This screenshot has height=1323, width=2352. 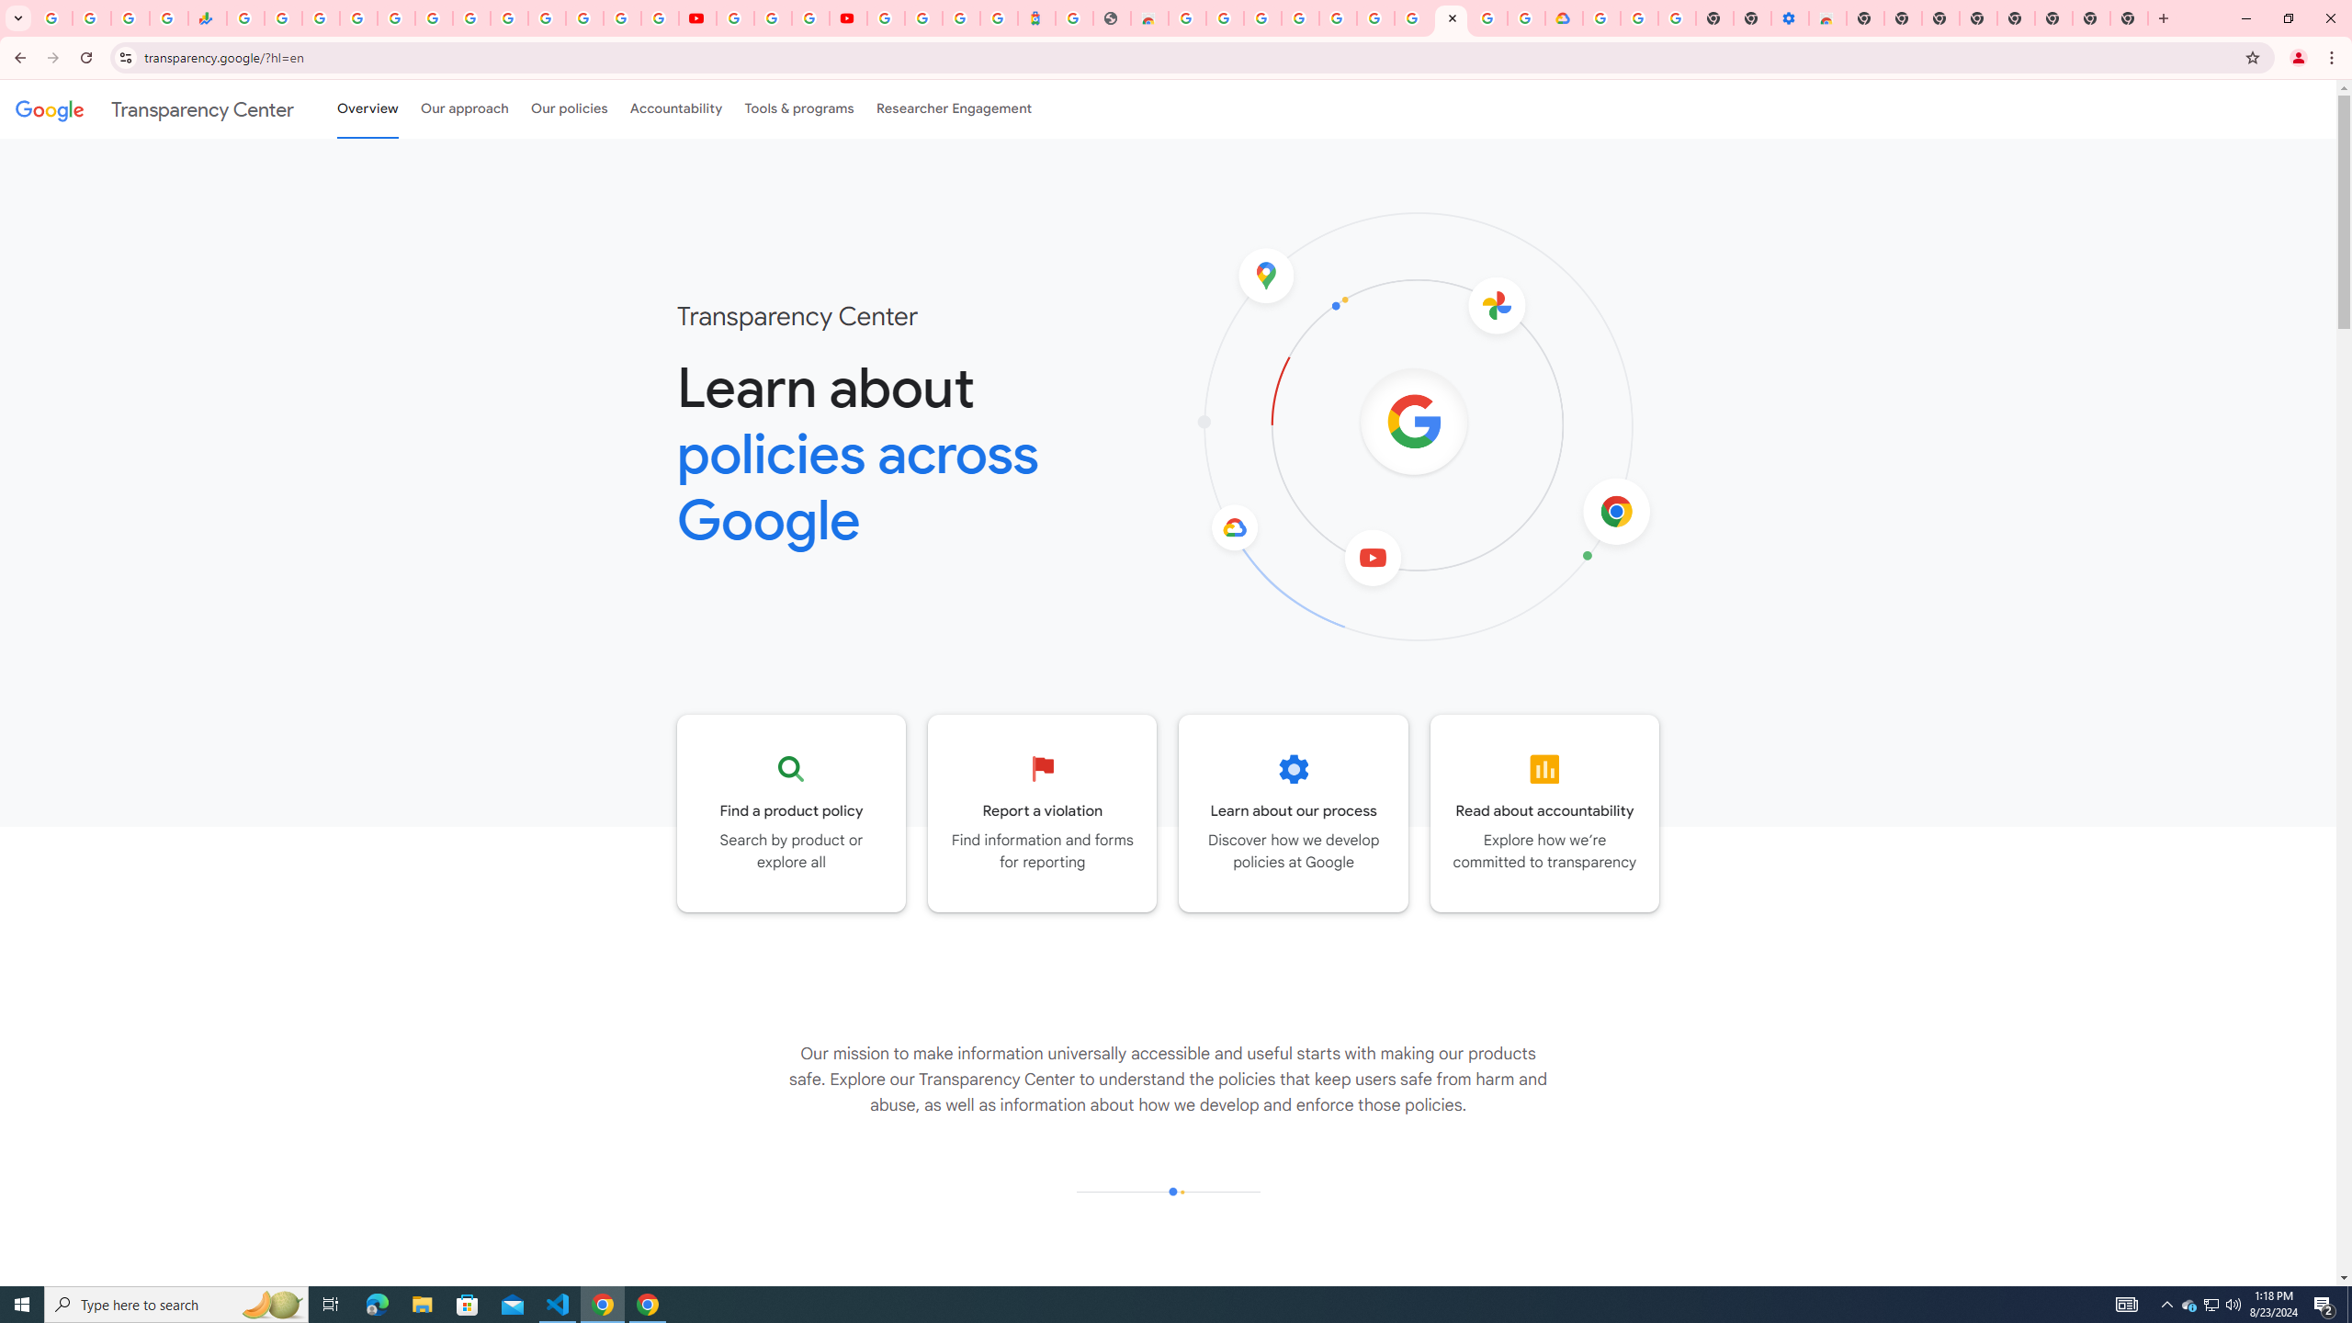 What do you see at coordinates (464, 108) in the screenshot?
I see `'Our approach'` at bounding box center [464, 108].